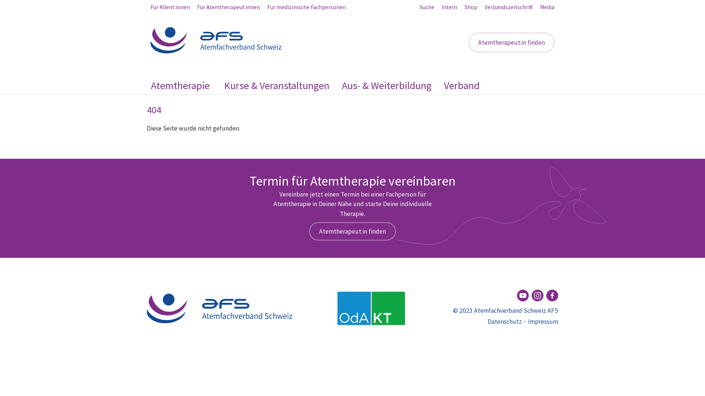 This screenshot has height=396, width=705. Describe the element at coordinates (461, 85) in the screenshot. I see `'Verband'` at that location.